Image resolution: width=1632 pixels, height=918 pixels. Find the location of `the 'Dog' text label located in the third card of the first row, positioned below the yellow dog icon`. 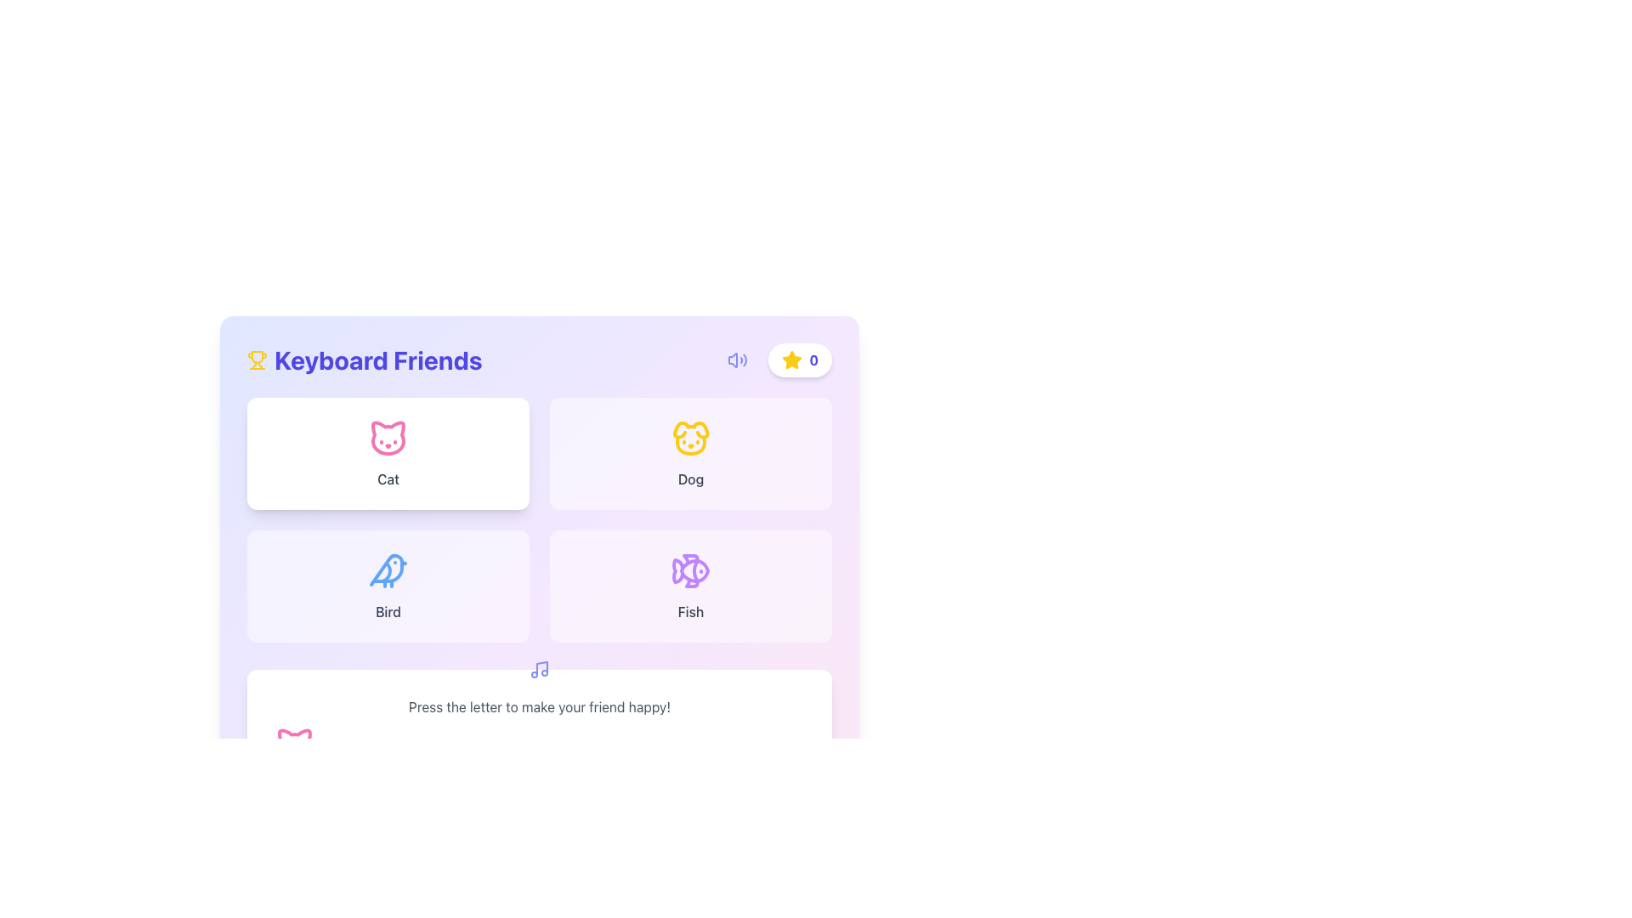

the 'Dog' text label located in the third card of the first row, positioned below the yellow dog icon is located at coordinates (690, 479).